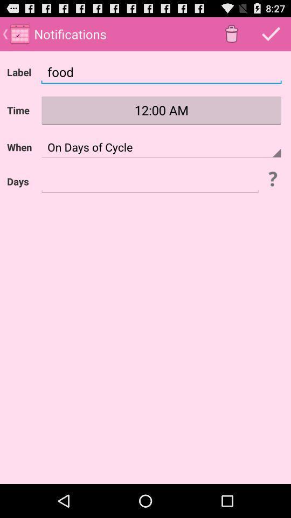 This screenshot has height=518, width=291. I want to click on number of days, so click(149, 181).